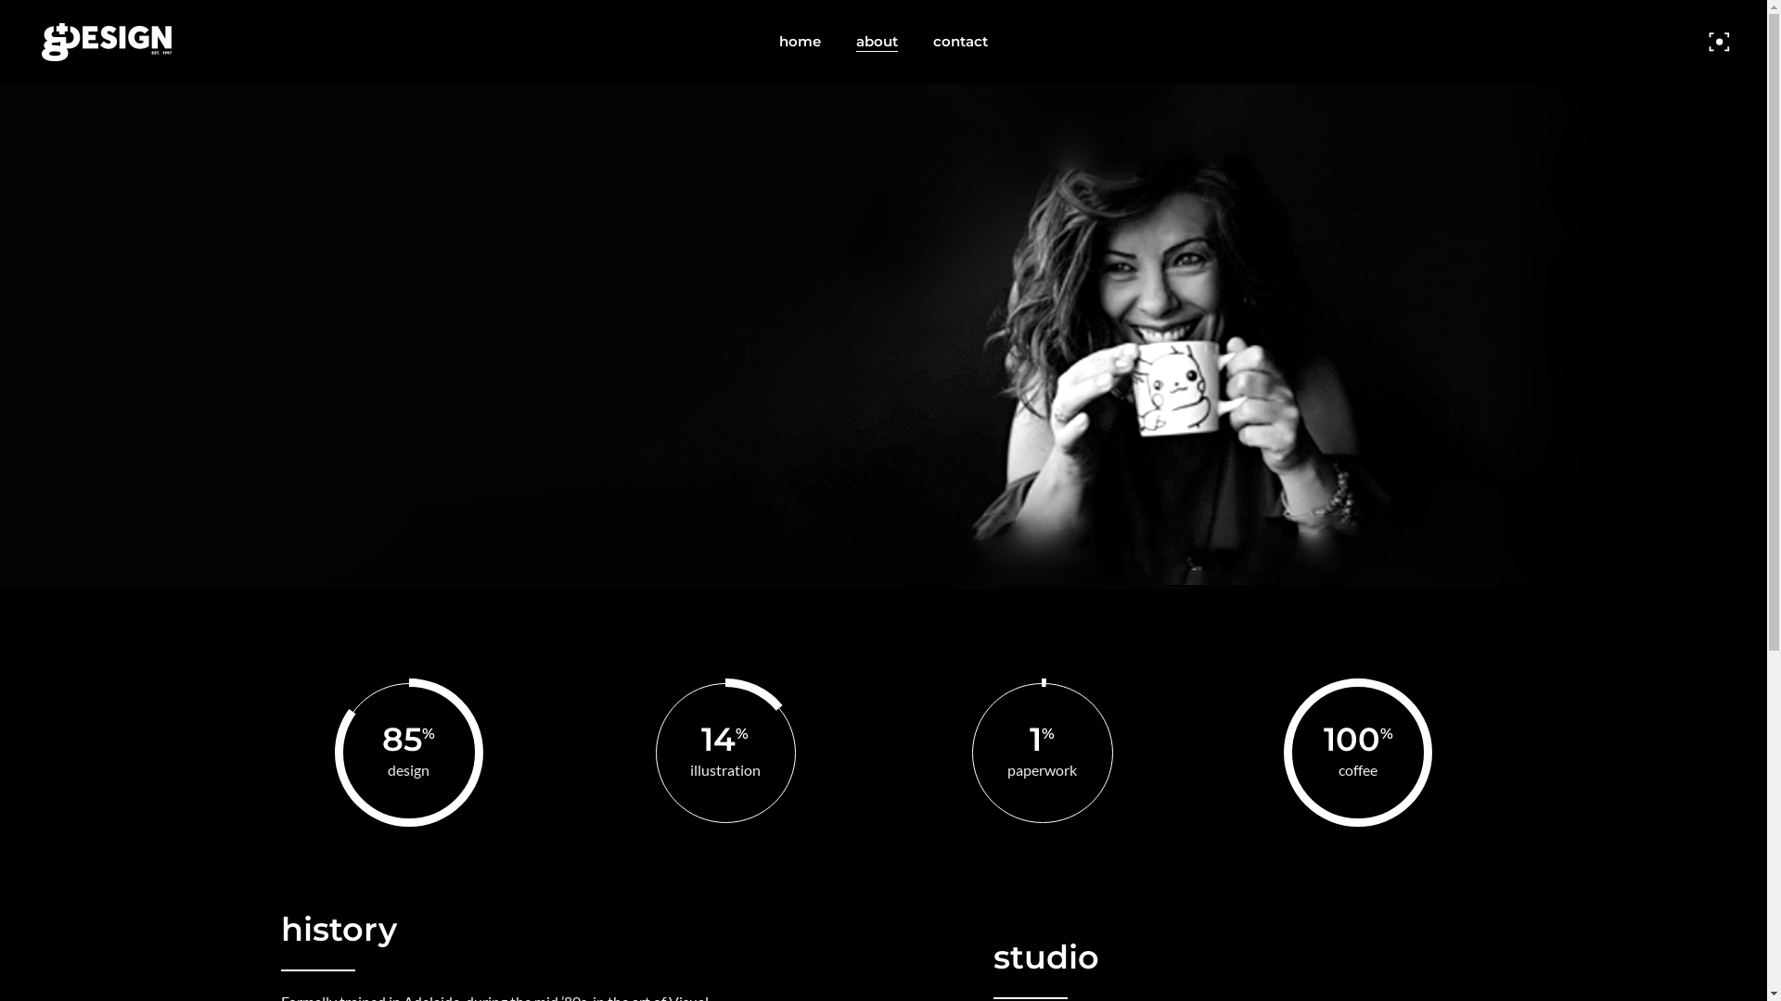  What do you see at coordinates (761, 42) in the screenshot?
I see `'home'` at bounding box center [761, 42].